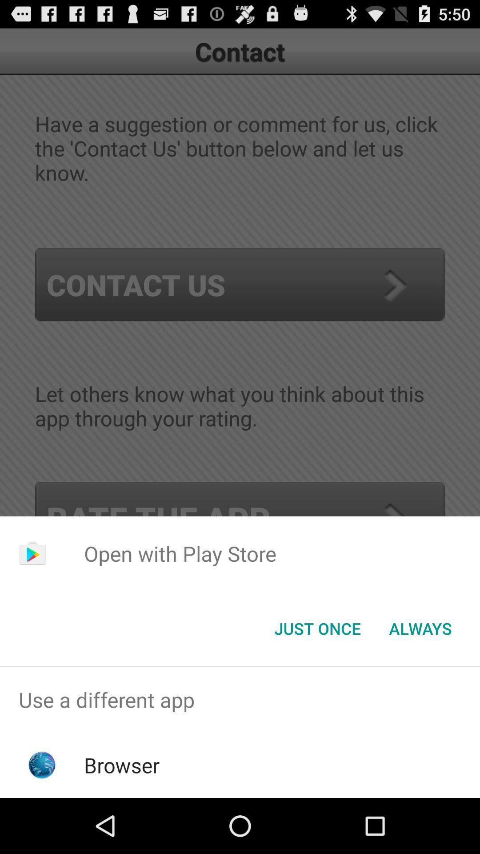 The image size is (480, 854). What do you see at coordinates (420, 628) in the screenshot?
I see `always item` at bounding box center [420, 628].